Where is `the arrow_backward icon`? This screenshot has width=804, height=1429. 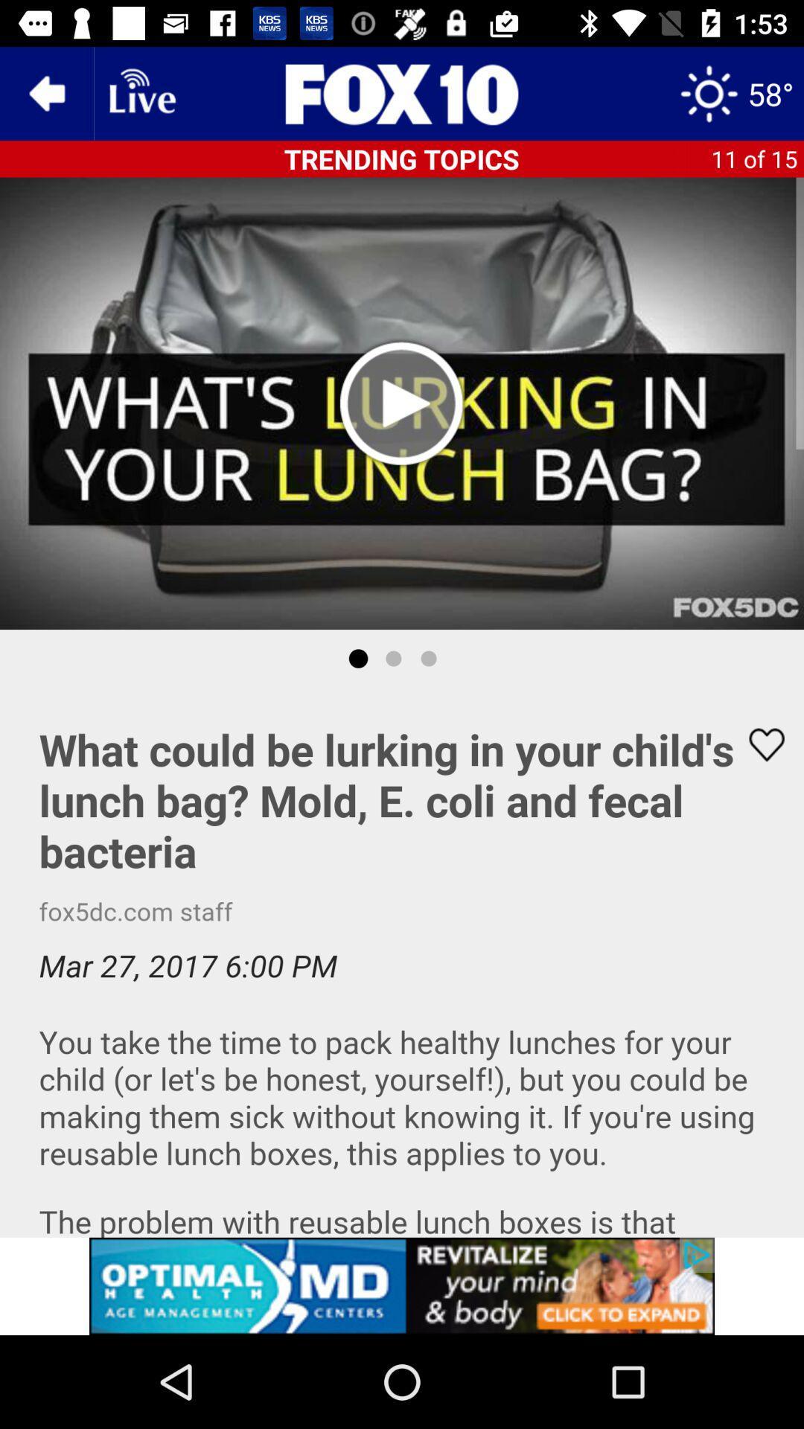 the arrow_backward icon is located at coordinates (45, 92).